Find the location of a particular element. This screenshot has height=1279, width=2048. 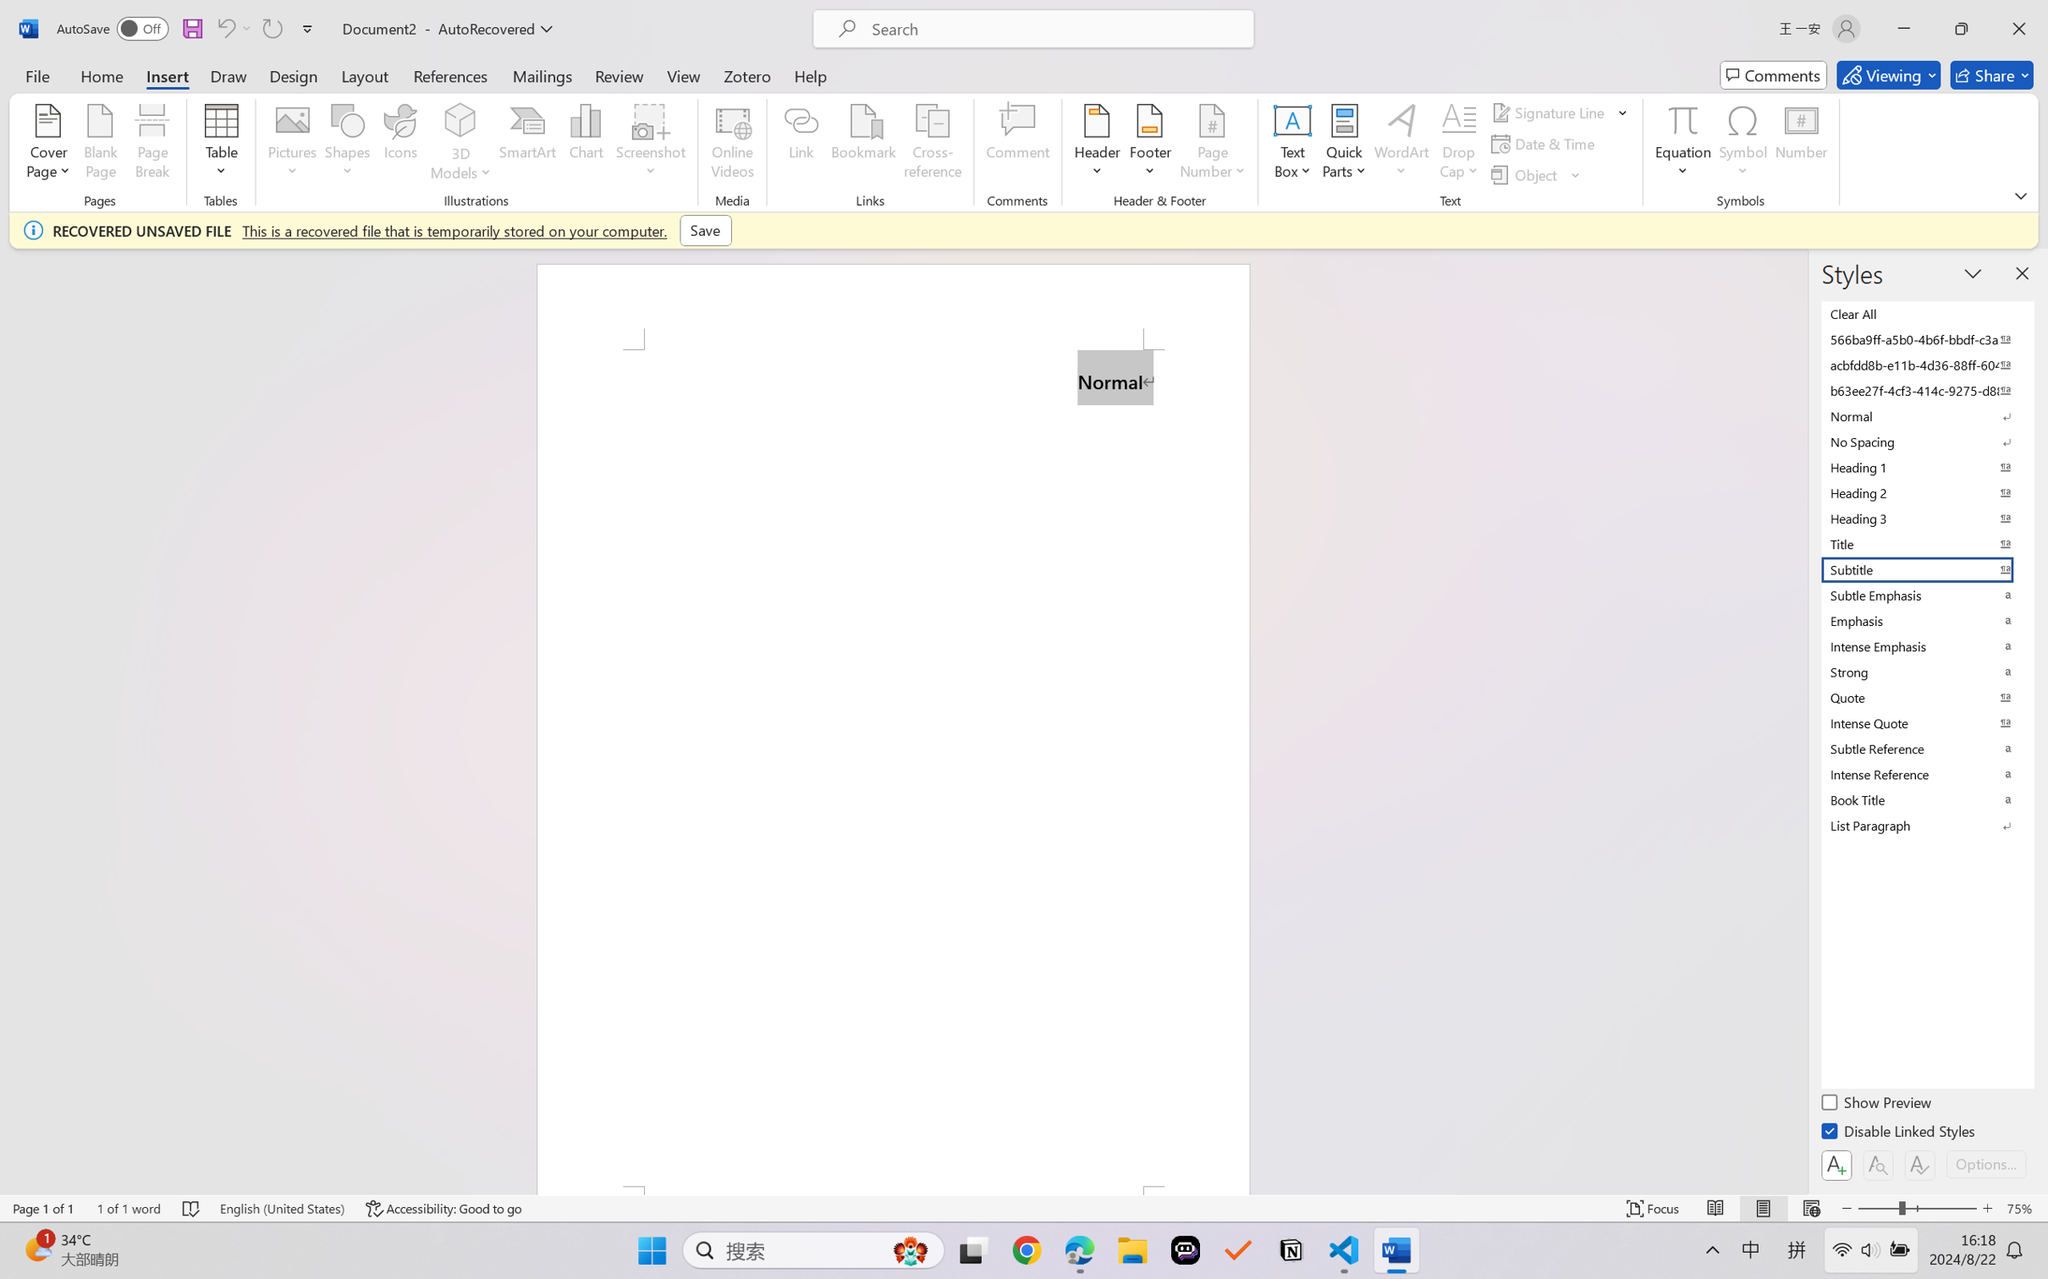

'Help' is located at coordinates (809, 74).